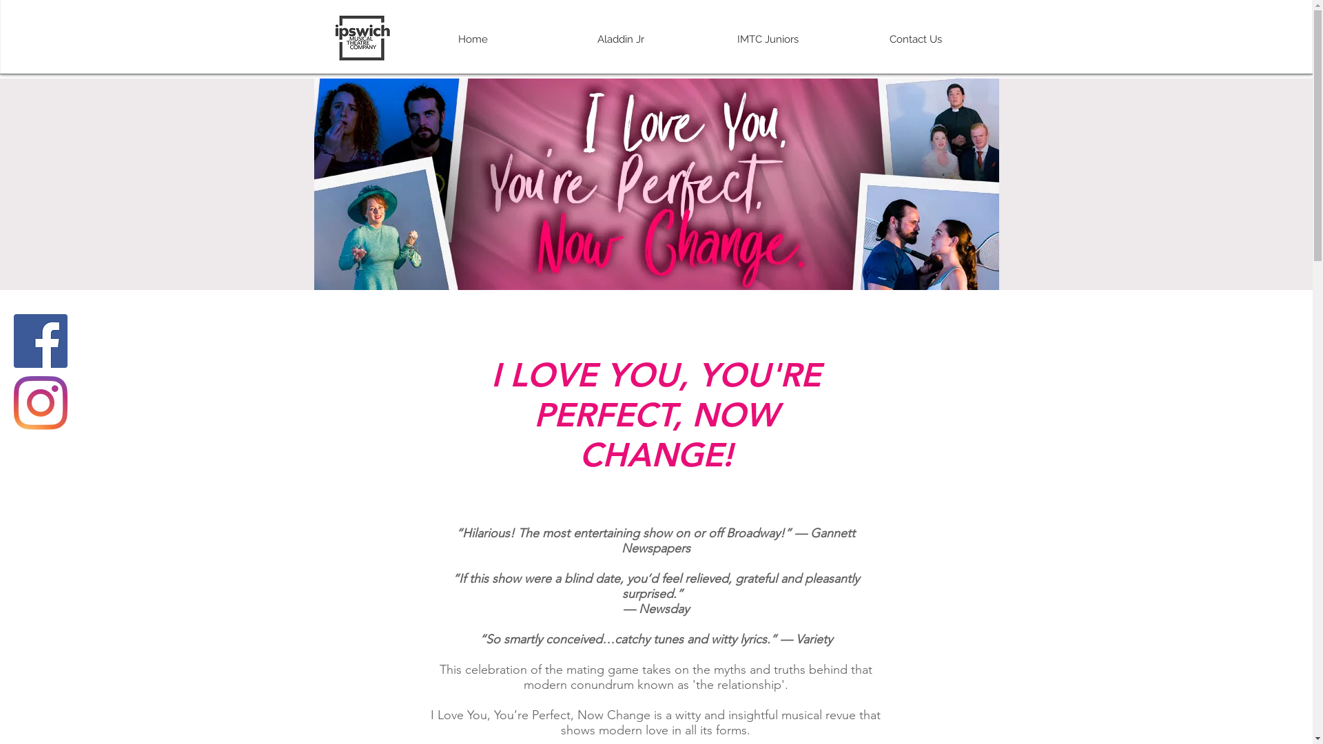 The width and height of the screenshot is (1323, 744). Describe the element at coordinates (472, 39) in the screenshot. I see `'Home'` at that location.